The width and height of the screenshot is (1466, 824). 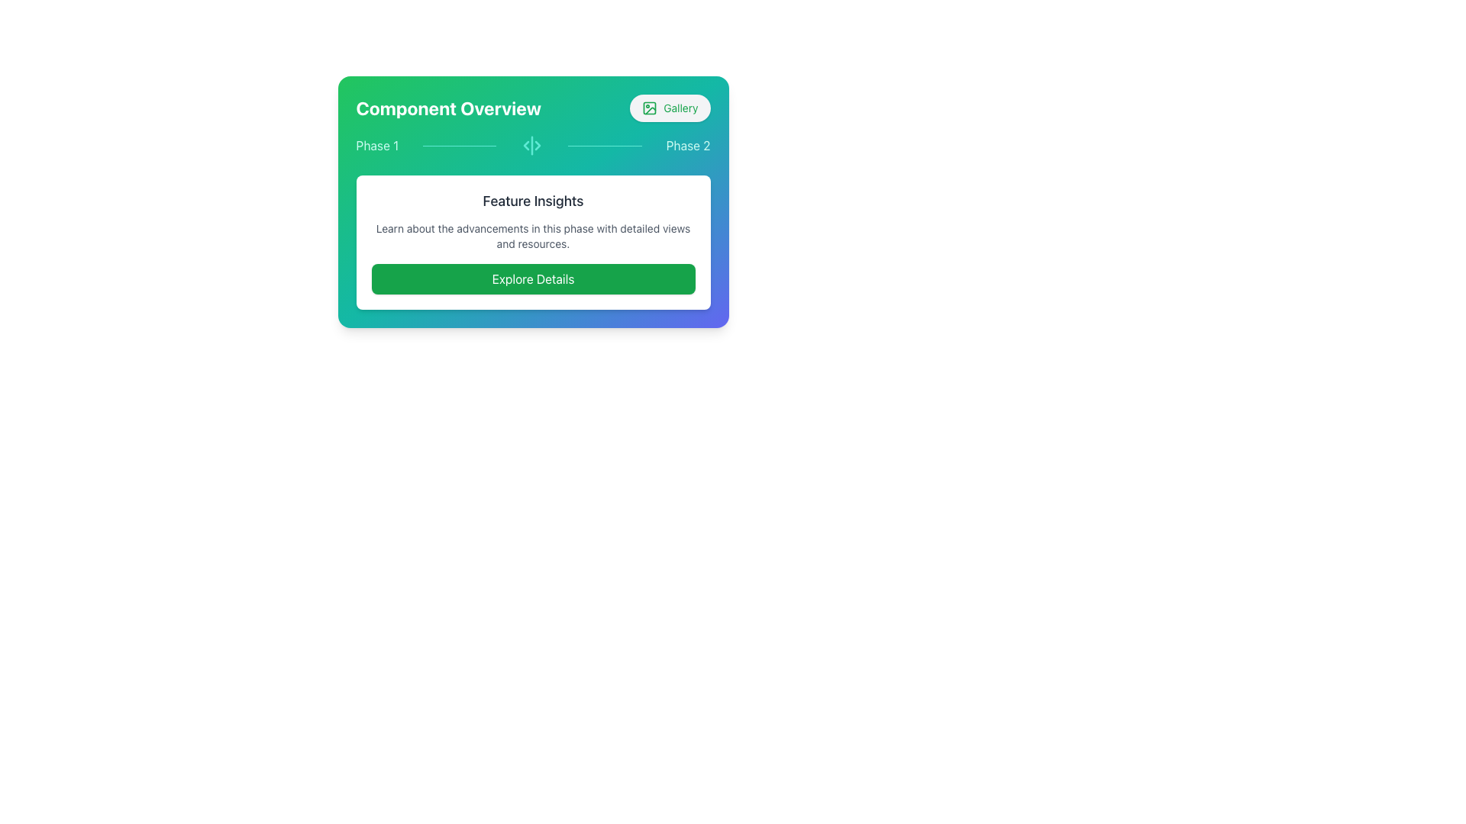 What do you see at coordinates (533, 236) in the screenshot?
I see `static text block that displays 'Learn about the advancements in this phase with detailed views and resources.' located below the 'Feature Insights' header and above the 'Explore Details' button` at bounding box center [533, 236].